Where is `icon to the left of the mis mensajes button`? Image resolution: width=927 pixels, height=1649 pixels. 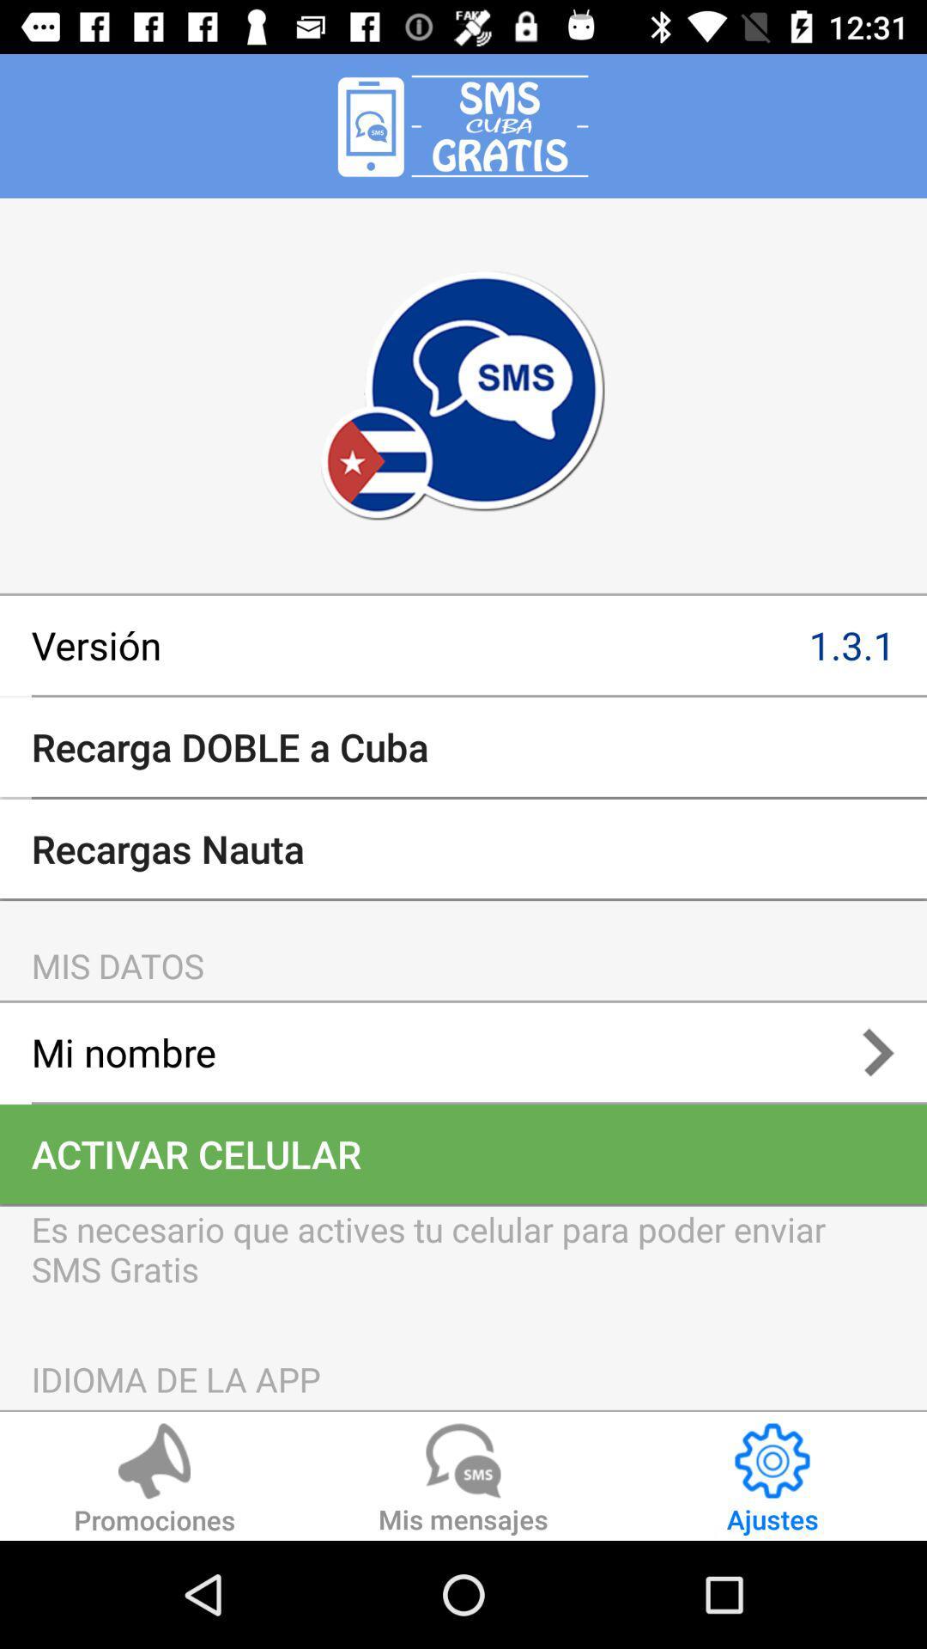
icon to the left of the mis mensajes button is located at coordinates (154, 1481).